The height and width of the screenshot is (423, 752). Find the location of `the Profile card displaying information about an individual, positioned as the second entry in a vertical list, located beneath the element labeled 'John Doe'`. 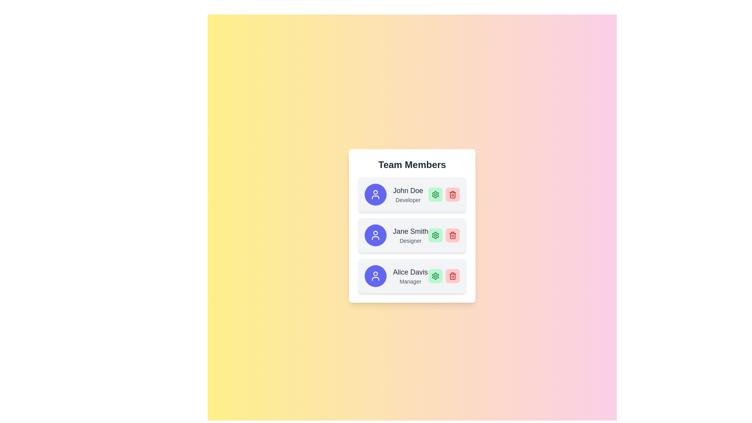

the Profile card displaying information about an individual, positioned as the second entry in a vertical list, located beneath the element labeled 'John Doe' is located at coordinates (412, 235).